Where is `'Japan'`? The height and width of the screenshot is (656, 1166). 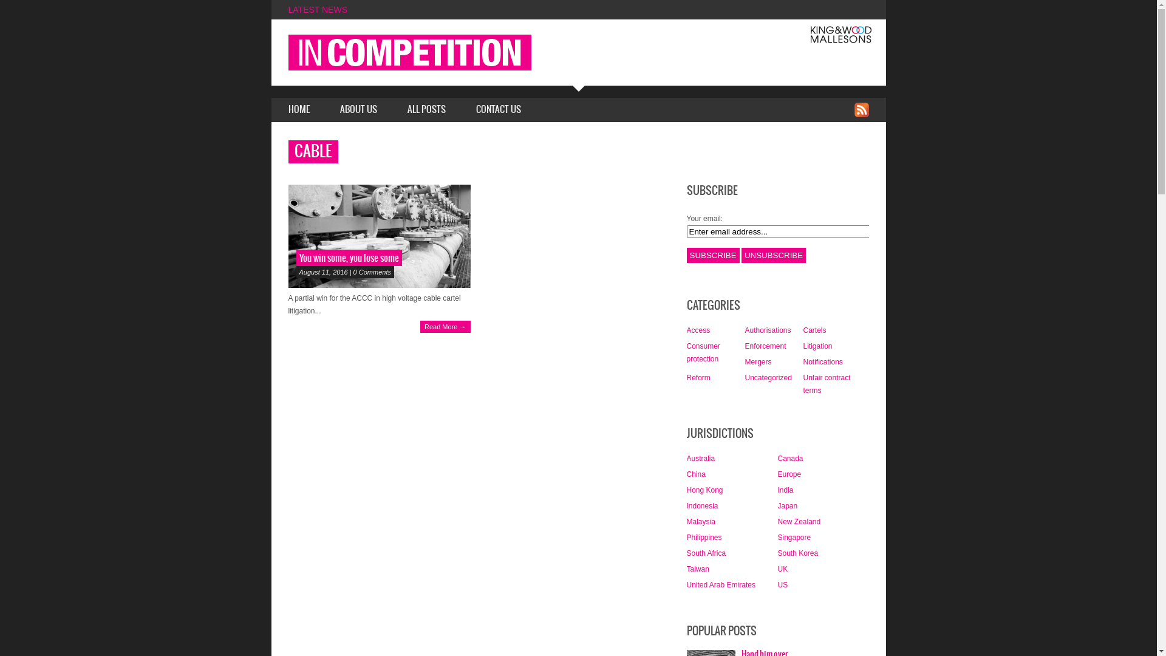 'Japan' is located at coordinates (787, 506).